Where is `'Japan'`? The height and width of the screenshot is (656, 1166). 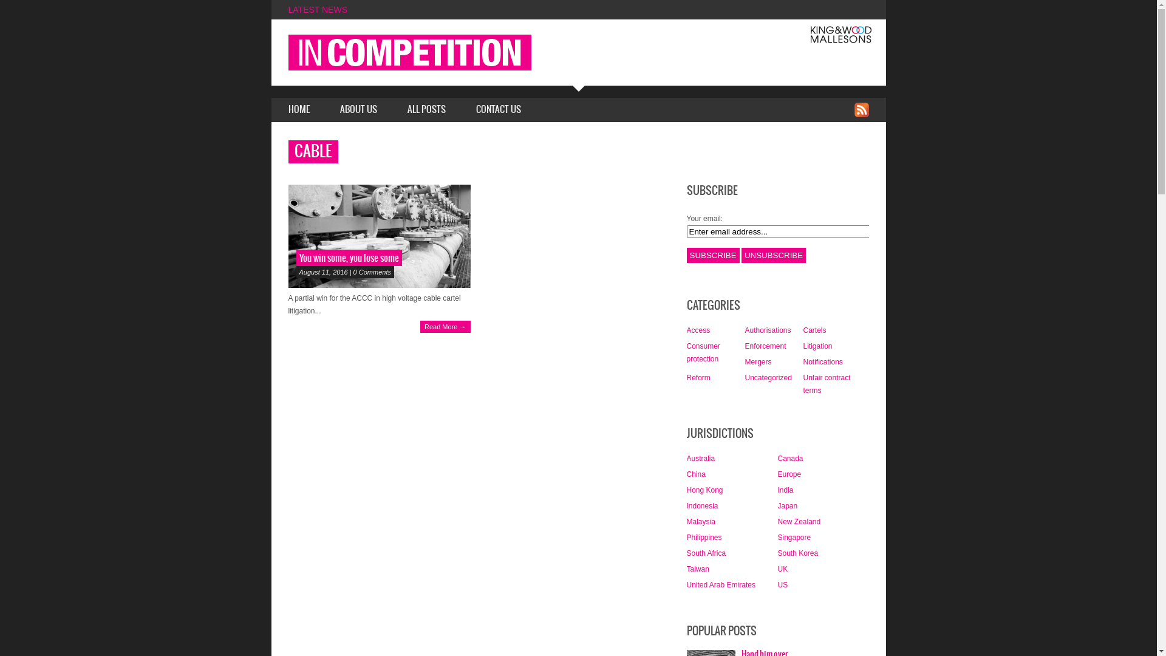 'Japan' is located at coordinates (787, 506).